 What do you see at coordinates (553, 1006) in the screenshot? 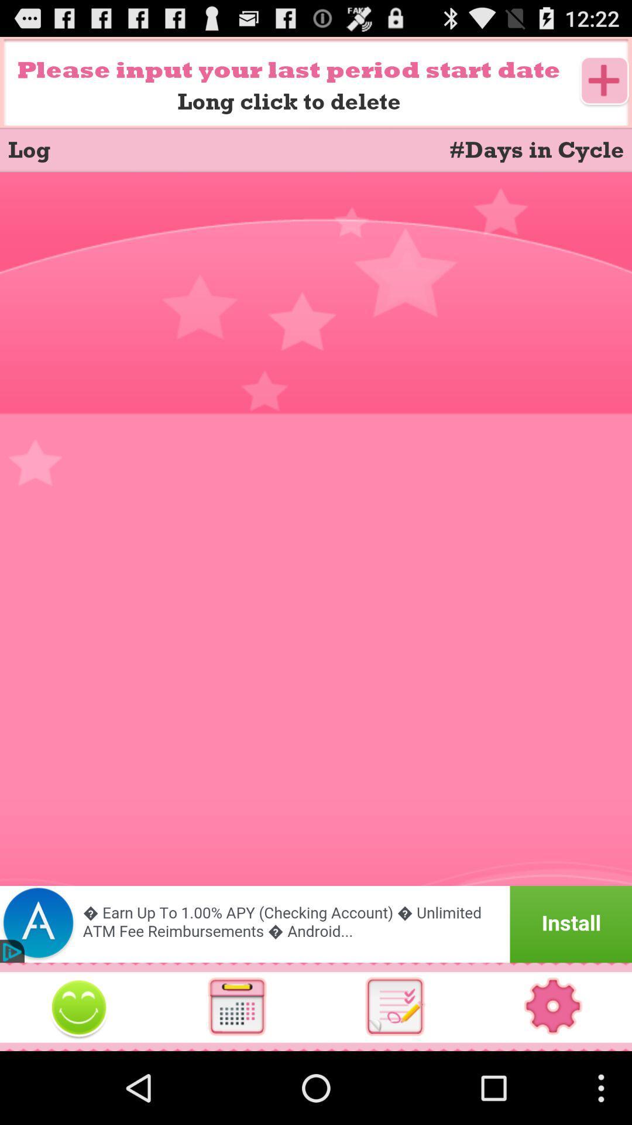
I see `settings` at bounding box center [553, 1006].